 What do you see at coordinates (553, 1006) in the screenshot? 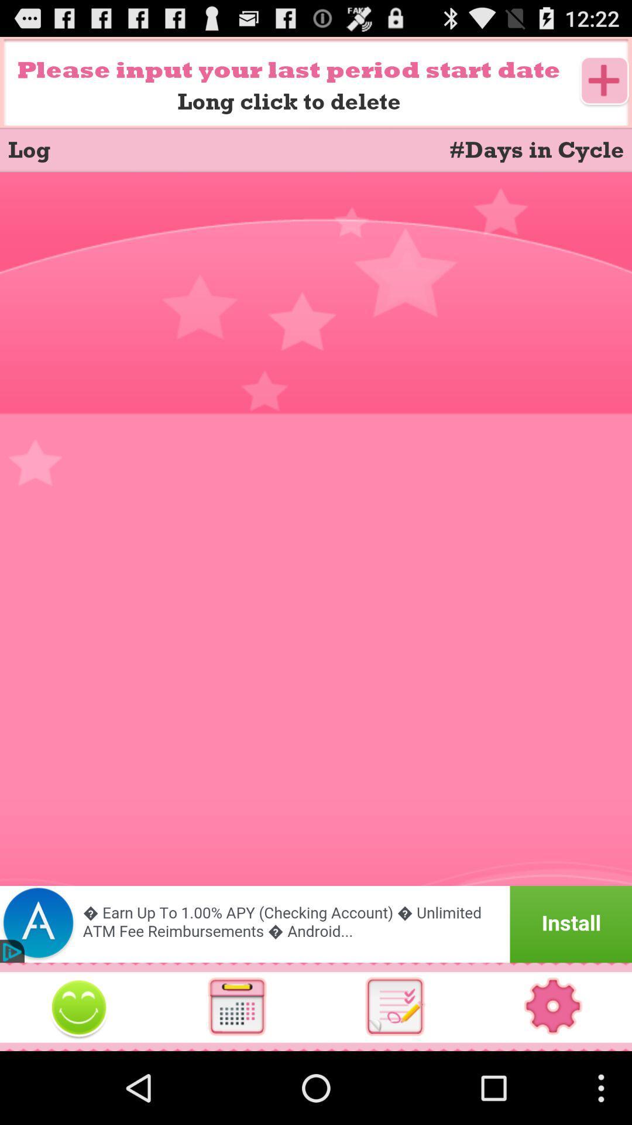
I see `settings` at bounding box center [553, 1006].